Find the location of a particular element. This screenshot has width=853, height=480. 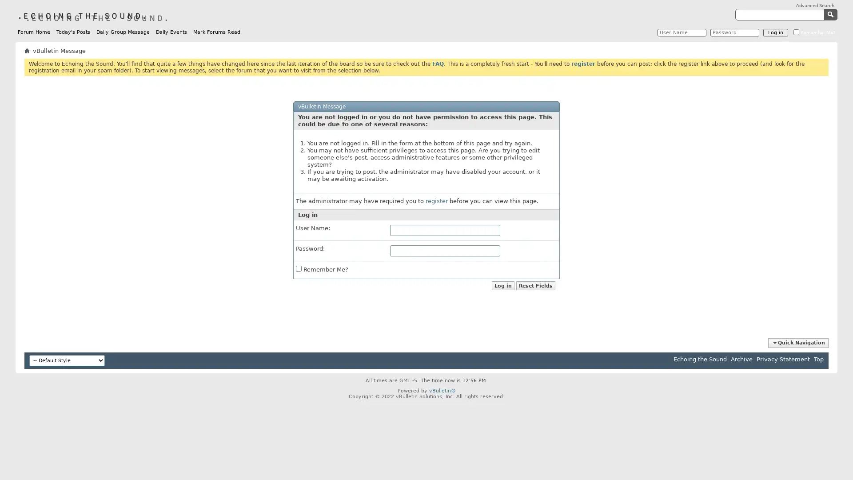

Log in is located at coordinates (775, 32).